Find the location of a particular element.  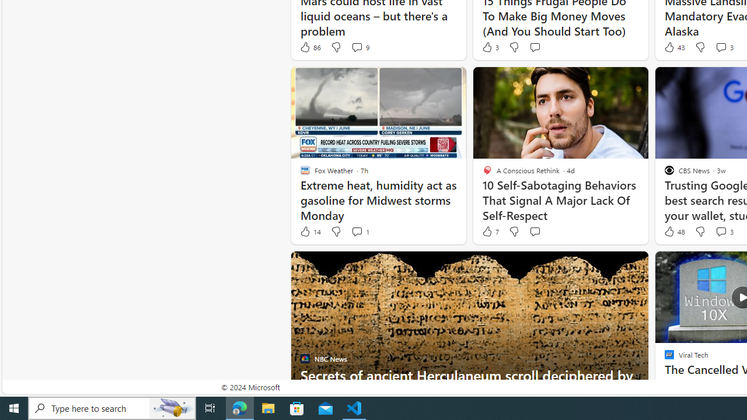

'View comments 9 Comment' is located at coordinates (359, 47).